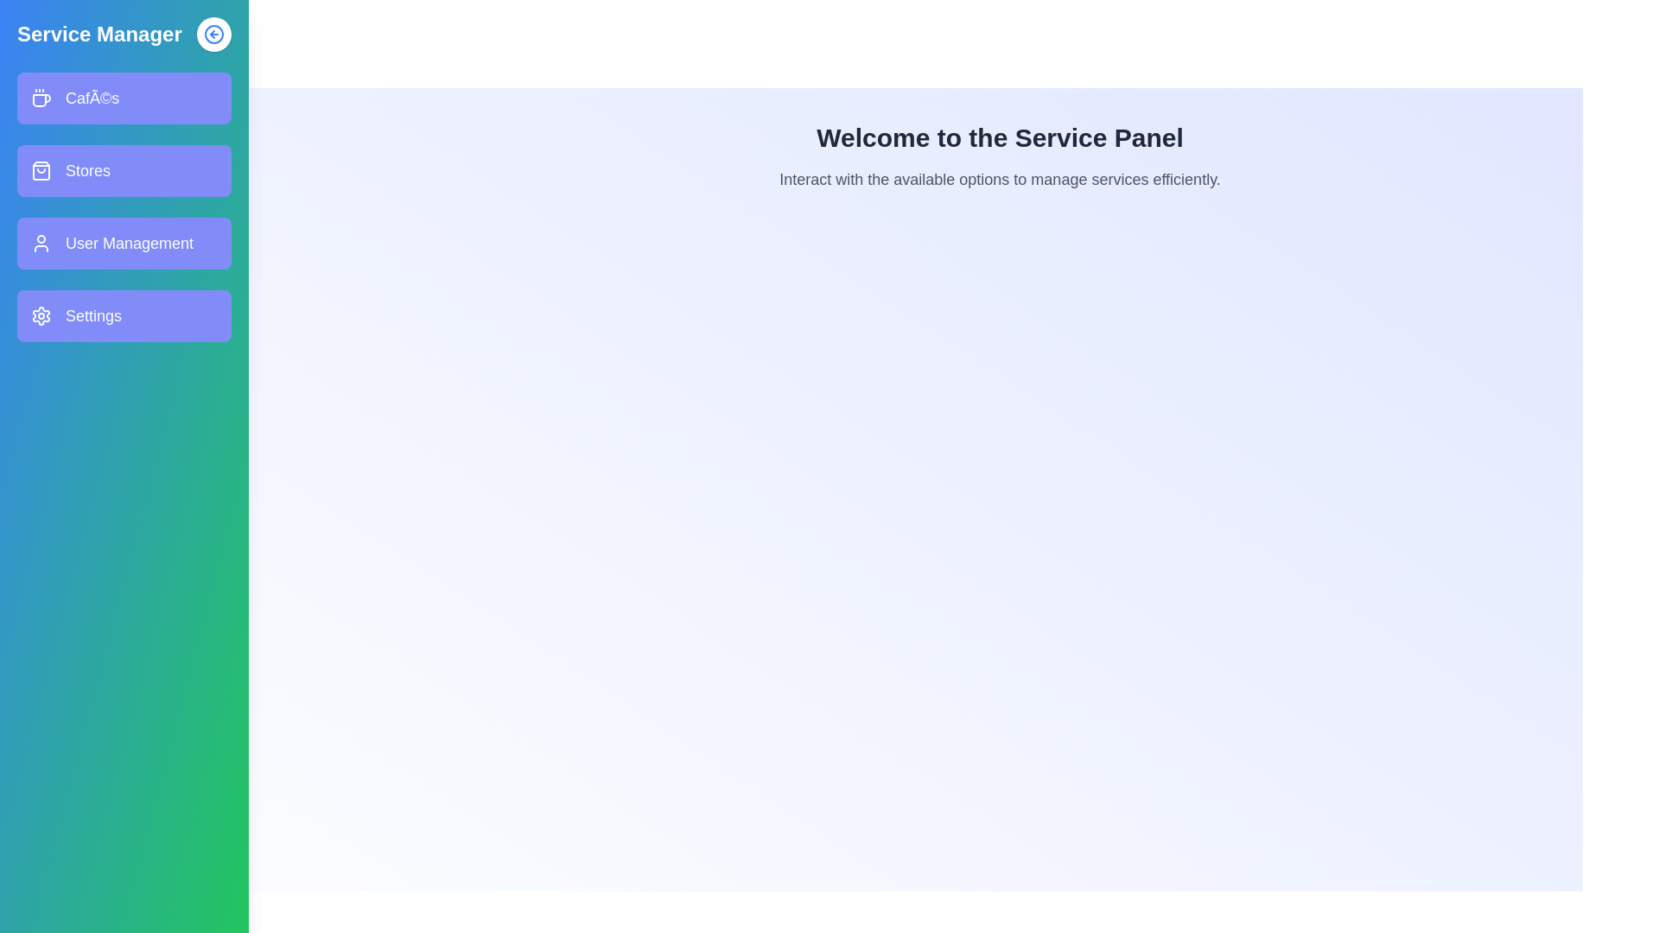 This screenshot has height=933, width=1659. What do you see at coordinates (124, 98) in the screenshot?
I see `the 'Cafés' menu item` at bounding box center [124, 98].